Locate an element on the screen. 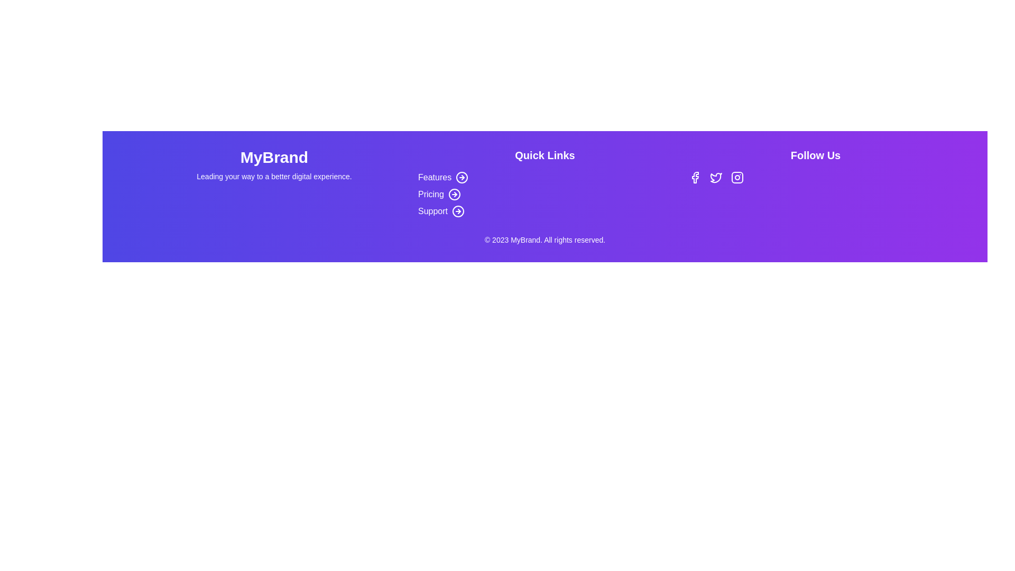 This screenshot has height=571, width=1015. text label 'Quick Links' which is styled with a bold font and white color against a gradient purple background, located in the footer section of the interface is located at coordinates (545, 155).